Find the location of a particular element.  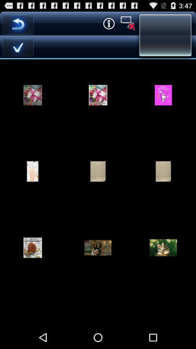

the undo icon is located at coordinates (18, 26).